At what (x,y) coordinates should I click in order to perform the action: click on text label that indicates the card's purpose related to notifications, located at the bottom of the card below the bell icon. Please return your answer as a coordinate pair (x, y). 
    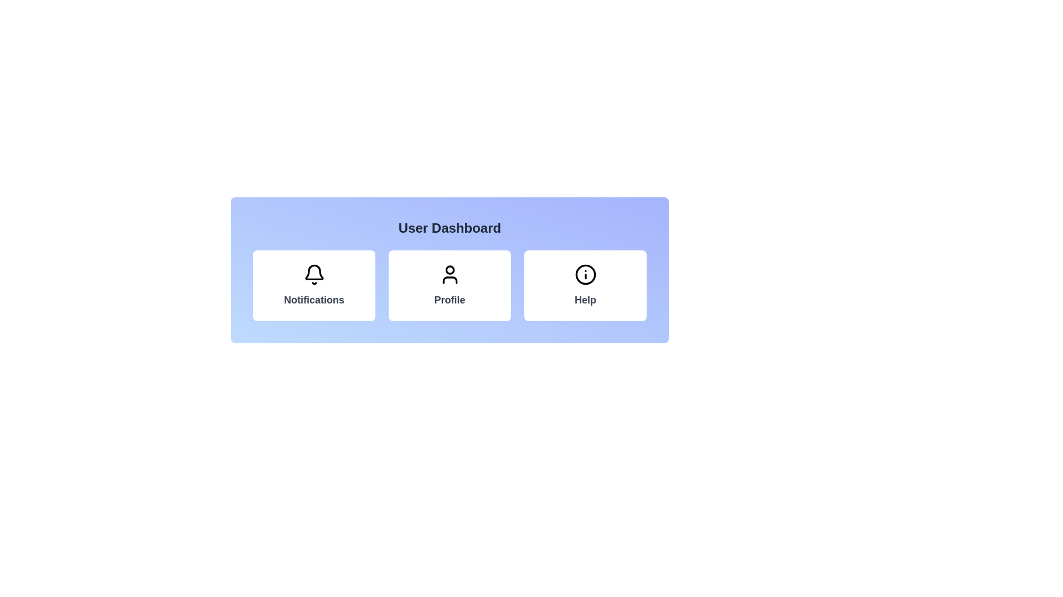
    Looking at the image, I should click on (313, 300).